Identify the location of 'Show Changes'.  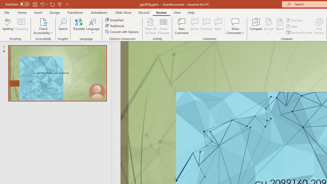
(163, 26).